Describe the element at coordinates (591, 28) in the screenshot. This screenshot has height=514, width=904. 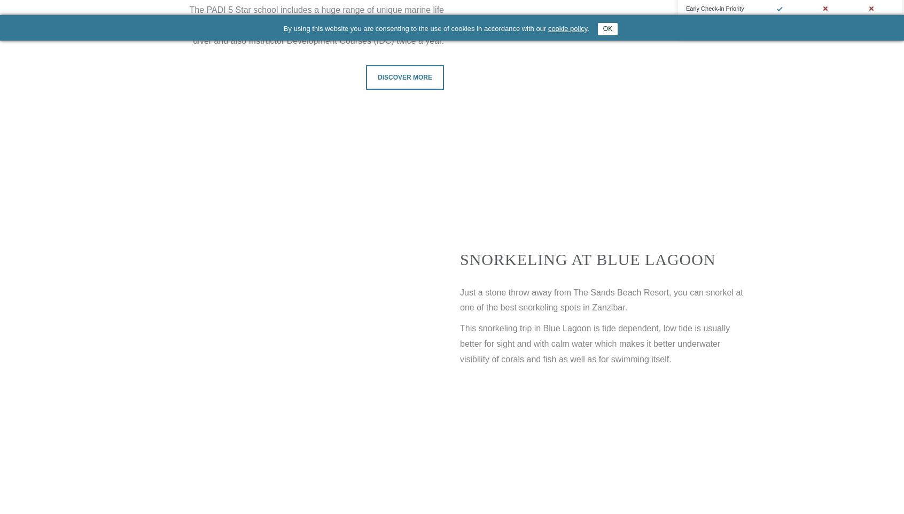
I see `'.'` at that location.